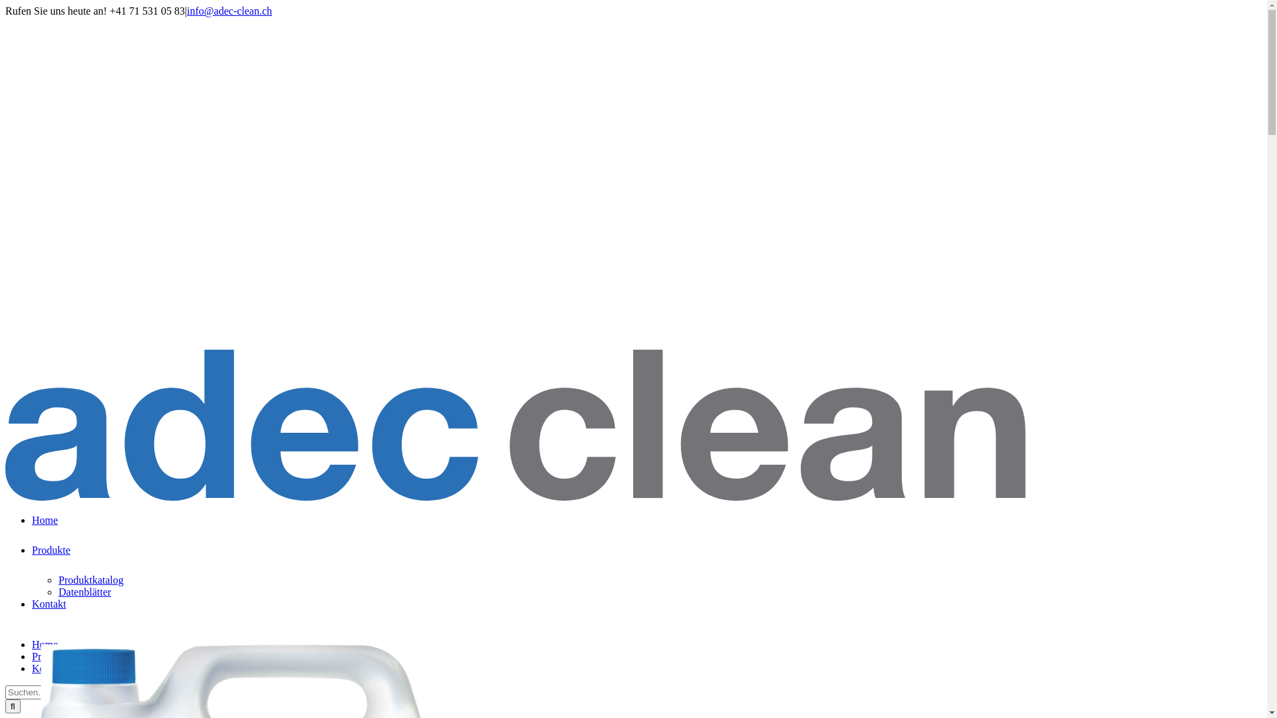 The height and width of the screenshot is (718, 1277). I want to click on 'Produktkatalog', so click(90, 579).